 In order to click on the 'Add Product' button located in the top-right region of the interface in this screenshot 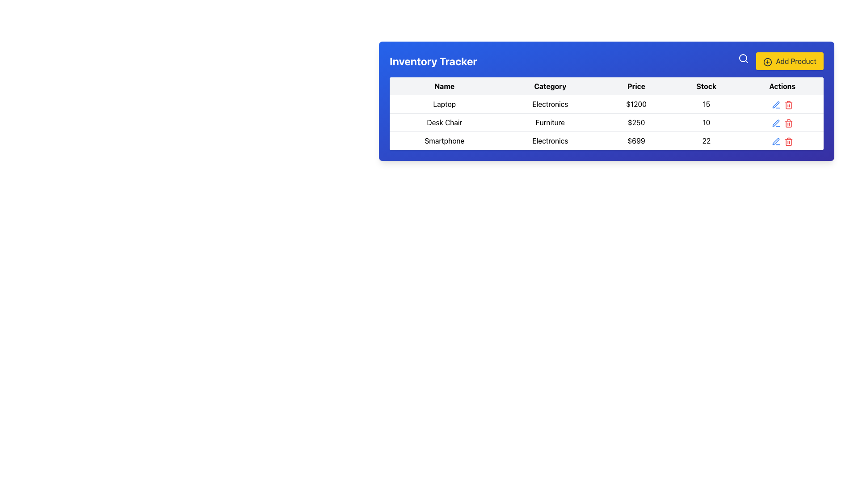, I will do `click(790, 61)`.